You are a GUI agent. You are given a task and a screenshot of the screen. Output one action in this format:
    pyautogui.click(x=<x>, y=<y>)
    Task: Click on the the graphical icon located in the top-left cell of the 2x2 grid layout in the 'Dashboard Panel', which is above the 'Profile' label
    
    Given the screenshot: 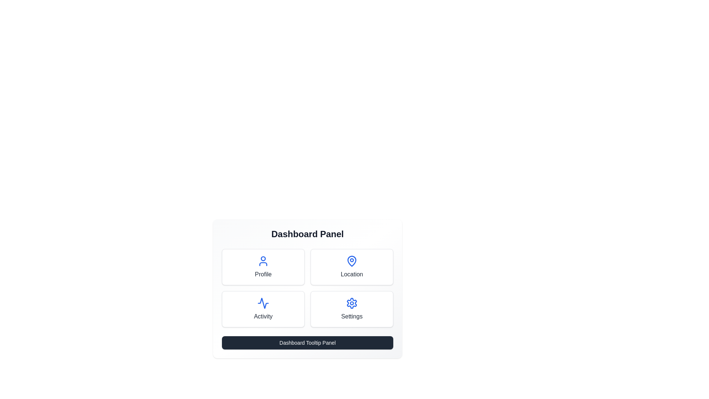 What is the action you would take?
    pyautogui.click(x=263, y=260)
    